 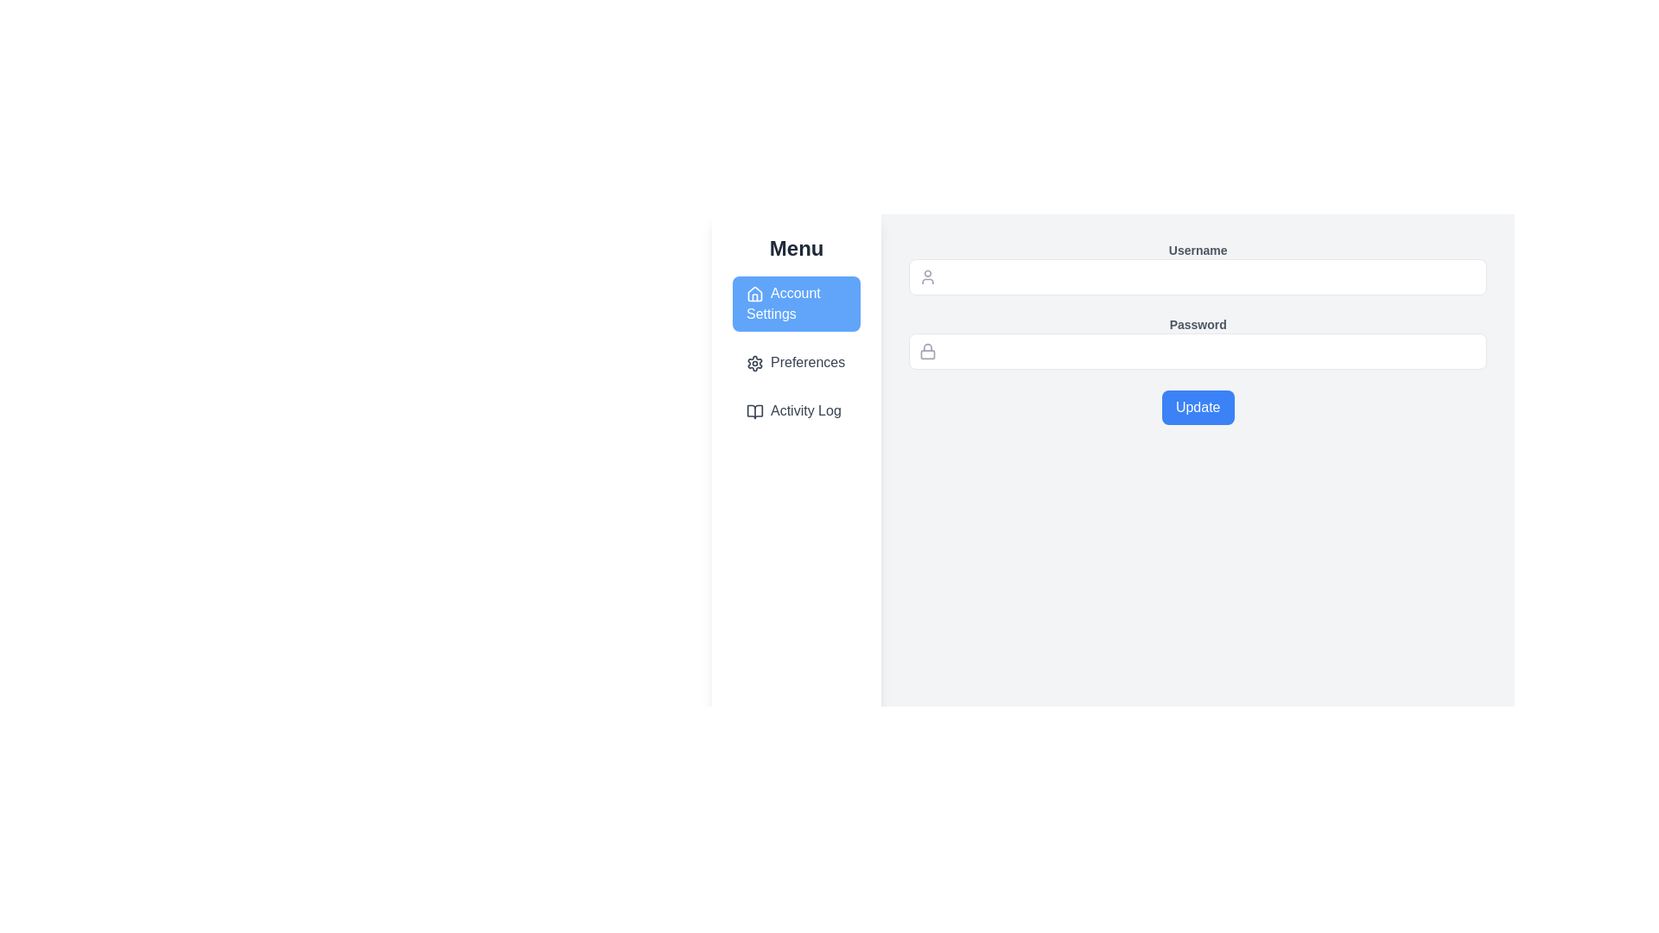 I want to click on the left-most icon that visually indicates the purpose of the associated password input field, so click(x=927, y=351).